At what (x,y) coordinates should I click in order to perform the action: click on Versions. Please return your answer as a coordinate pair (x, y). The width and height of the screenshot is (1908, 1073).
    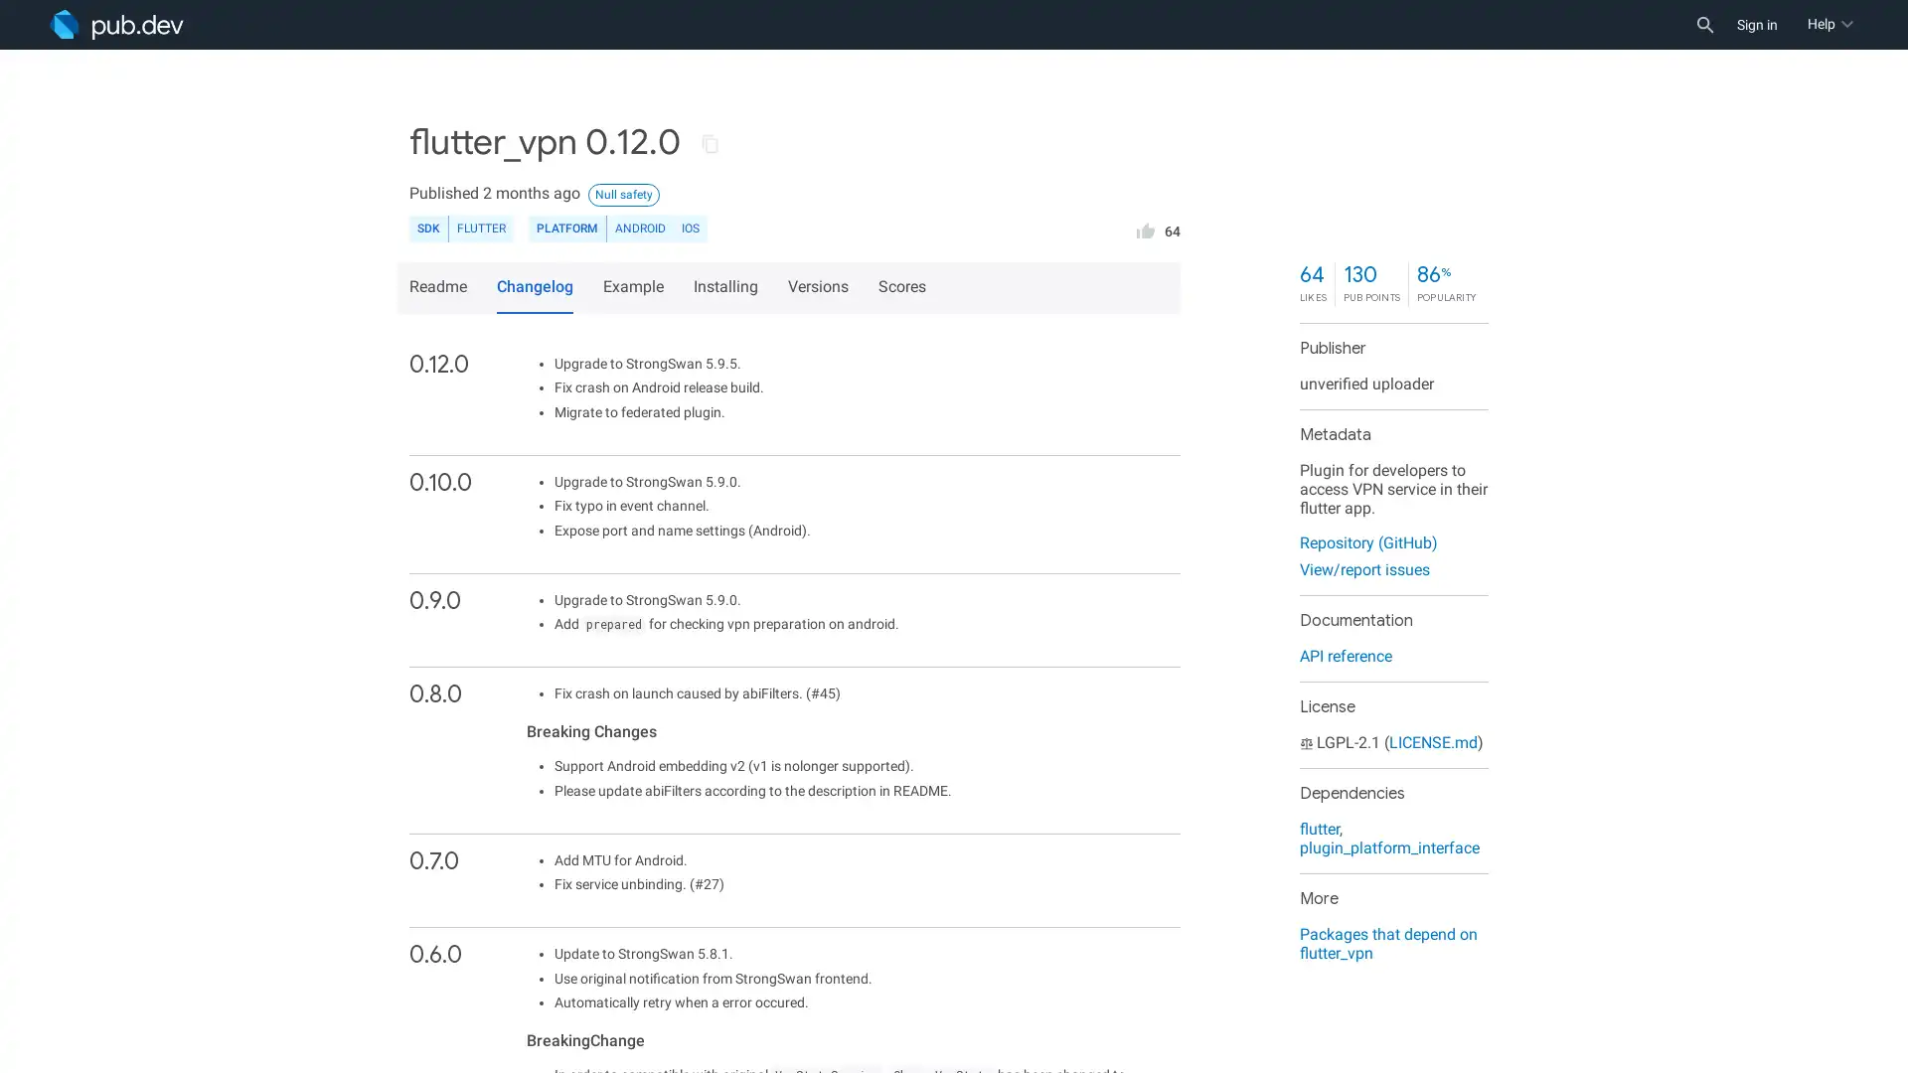
    Looking at the image, I should click on (821, 287).